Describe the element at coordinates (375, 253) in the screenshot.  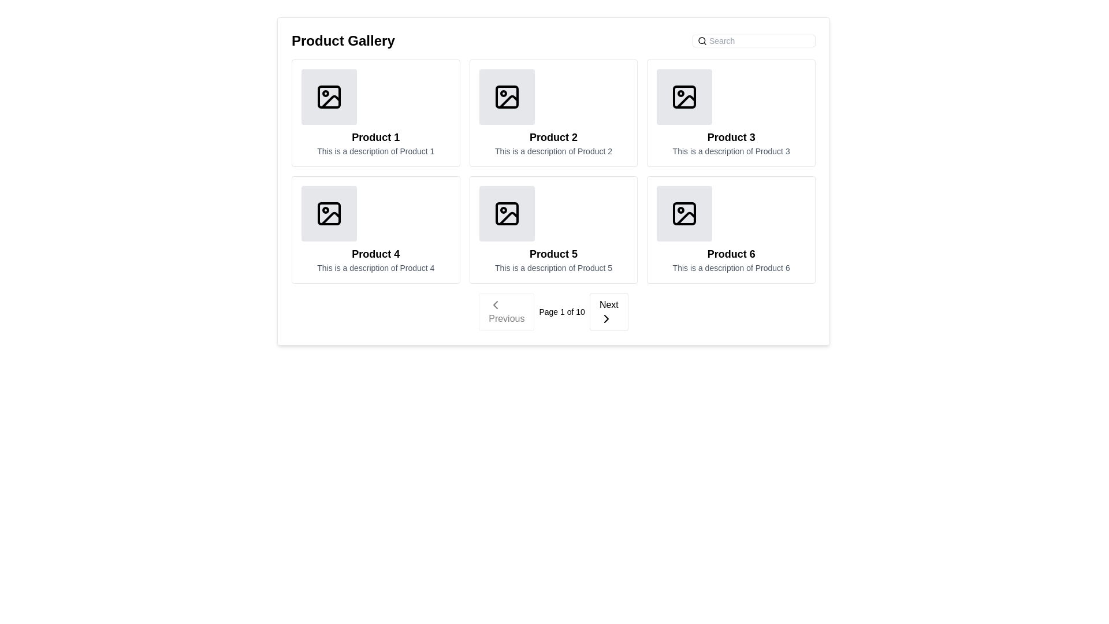
I see `the text label styled with a larger font size and bold weight containing the text 'Product 4', which is located below an image placeholder in a card layout` at that location.